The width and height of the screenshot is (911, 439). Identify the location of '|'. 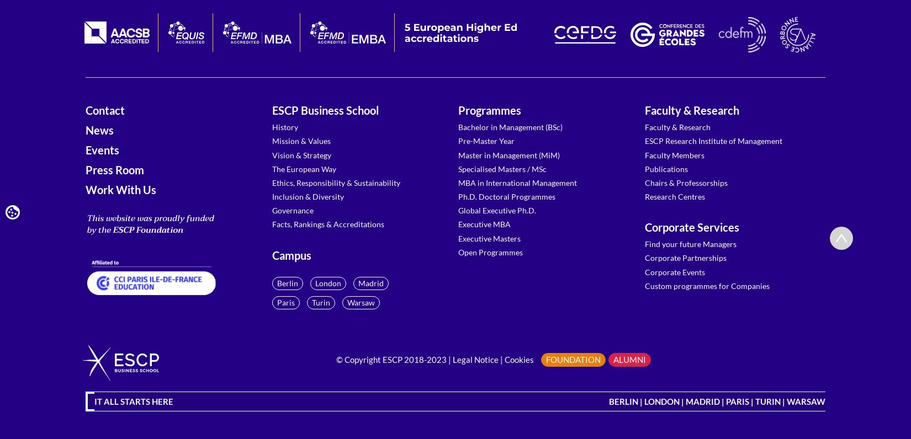
(501, 360).